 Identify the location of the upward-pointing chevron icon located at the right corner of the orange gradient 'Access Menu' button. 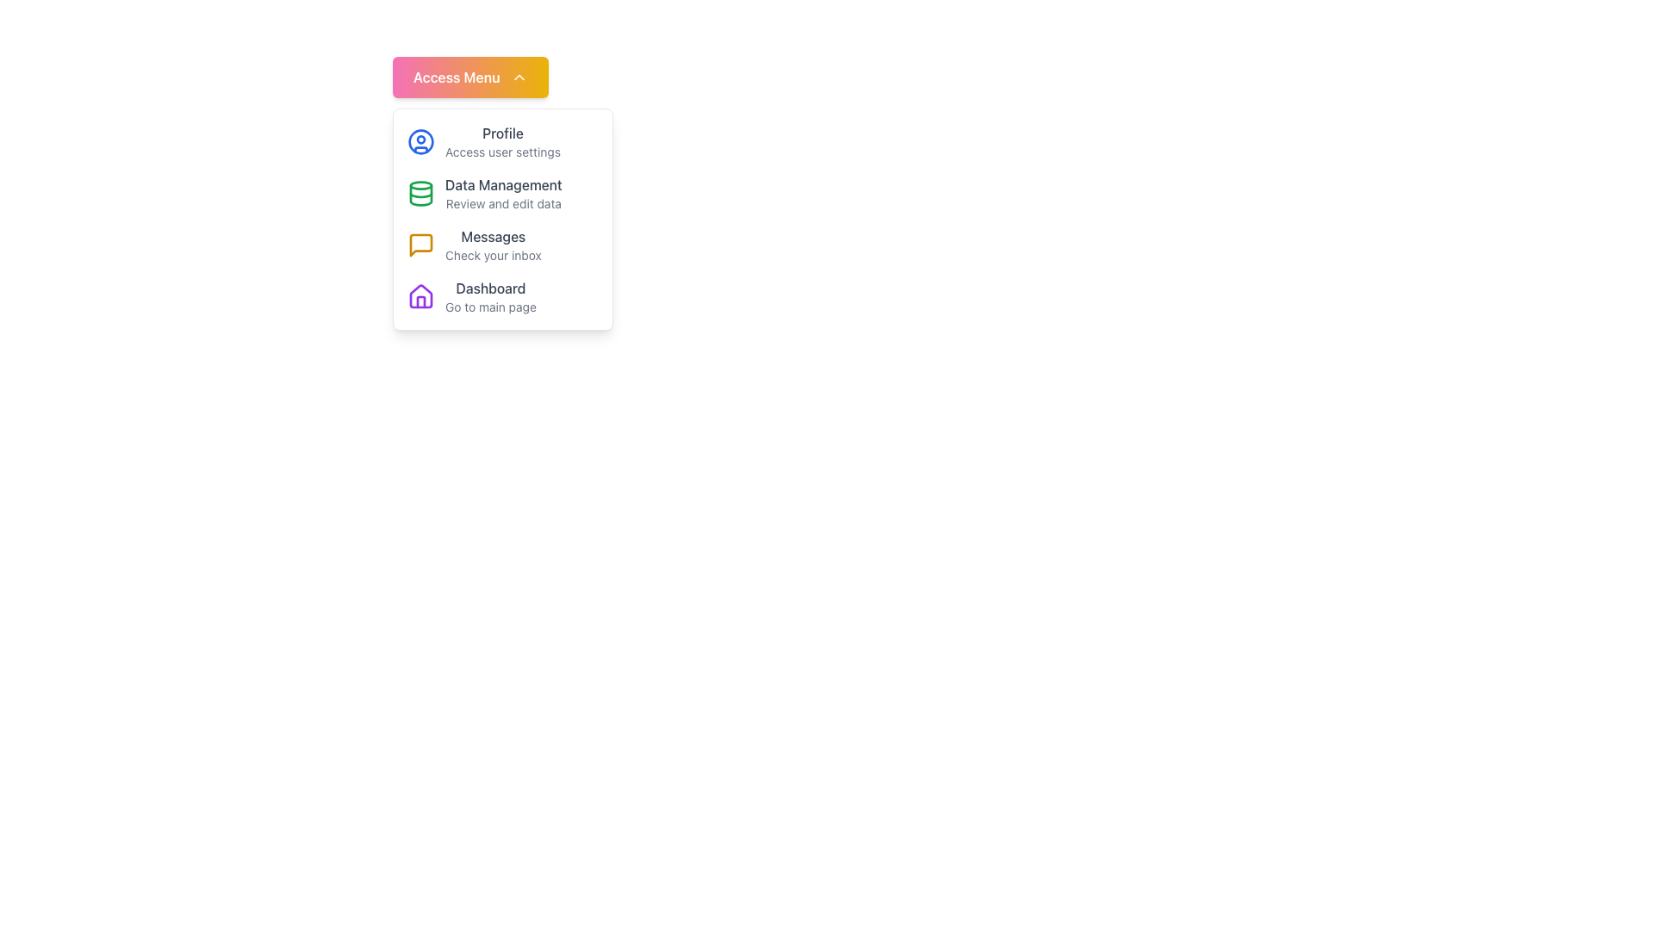
(518, 76).